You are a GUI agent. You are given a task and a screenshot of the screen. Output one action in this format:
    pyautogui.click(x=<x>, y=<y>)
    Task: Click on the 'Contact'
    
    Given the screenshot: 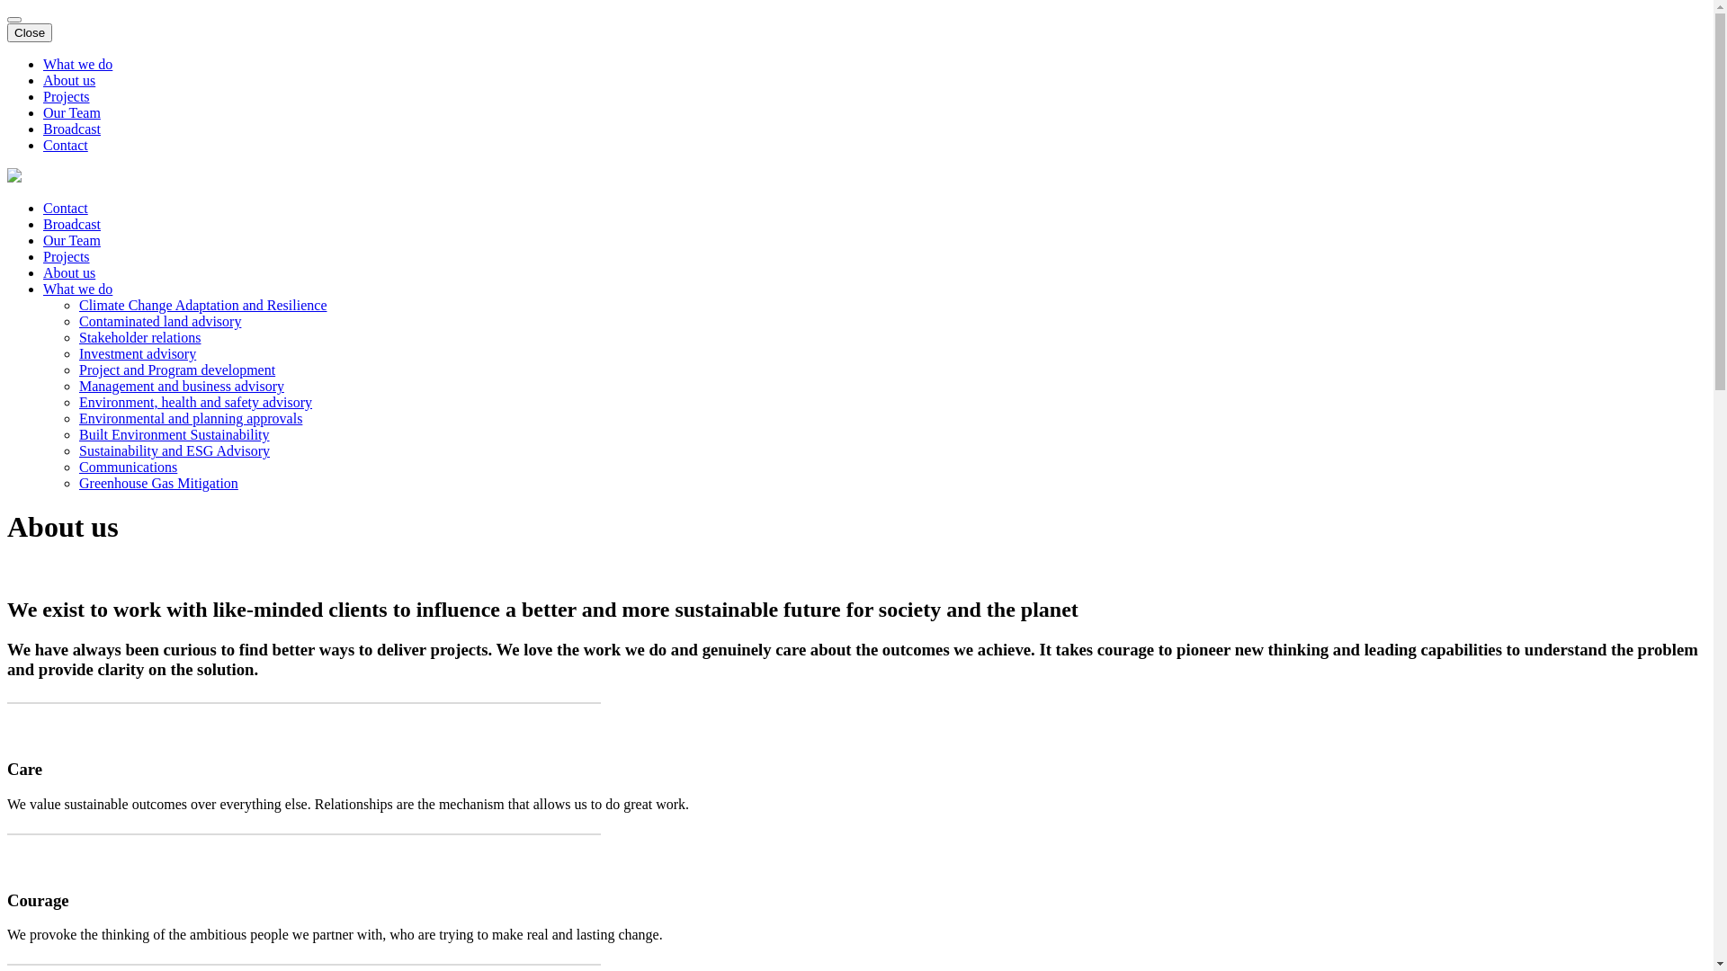 What is the action you would take?
    pyautogui.click(x=65, y=207)
    